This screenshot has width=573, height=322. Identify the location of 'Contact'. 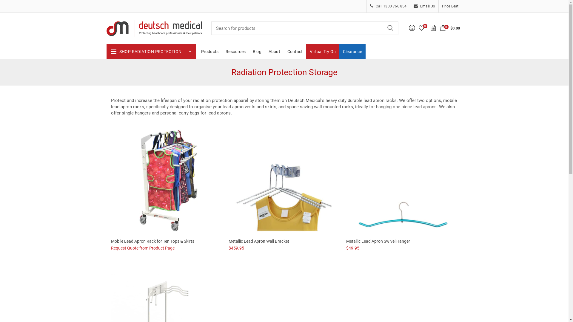
(295, 51).